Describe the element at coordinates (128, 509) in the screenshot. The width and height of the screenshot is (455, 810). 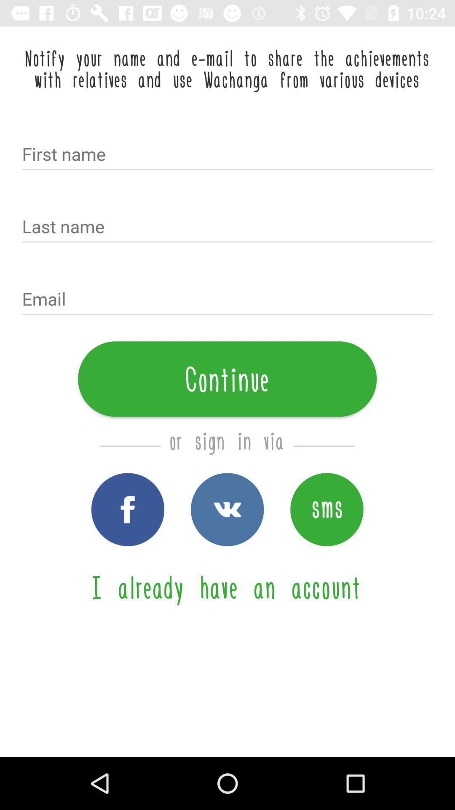
I see `facebook sign in` at that location.